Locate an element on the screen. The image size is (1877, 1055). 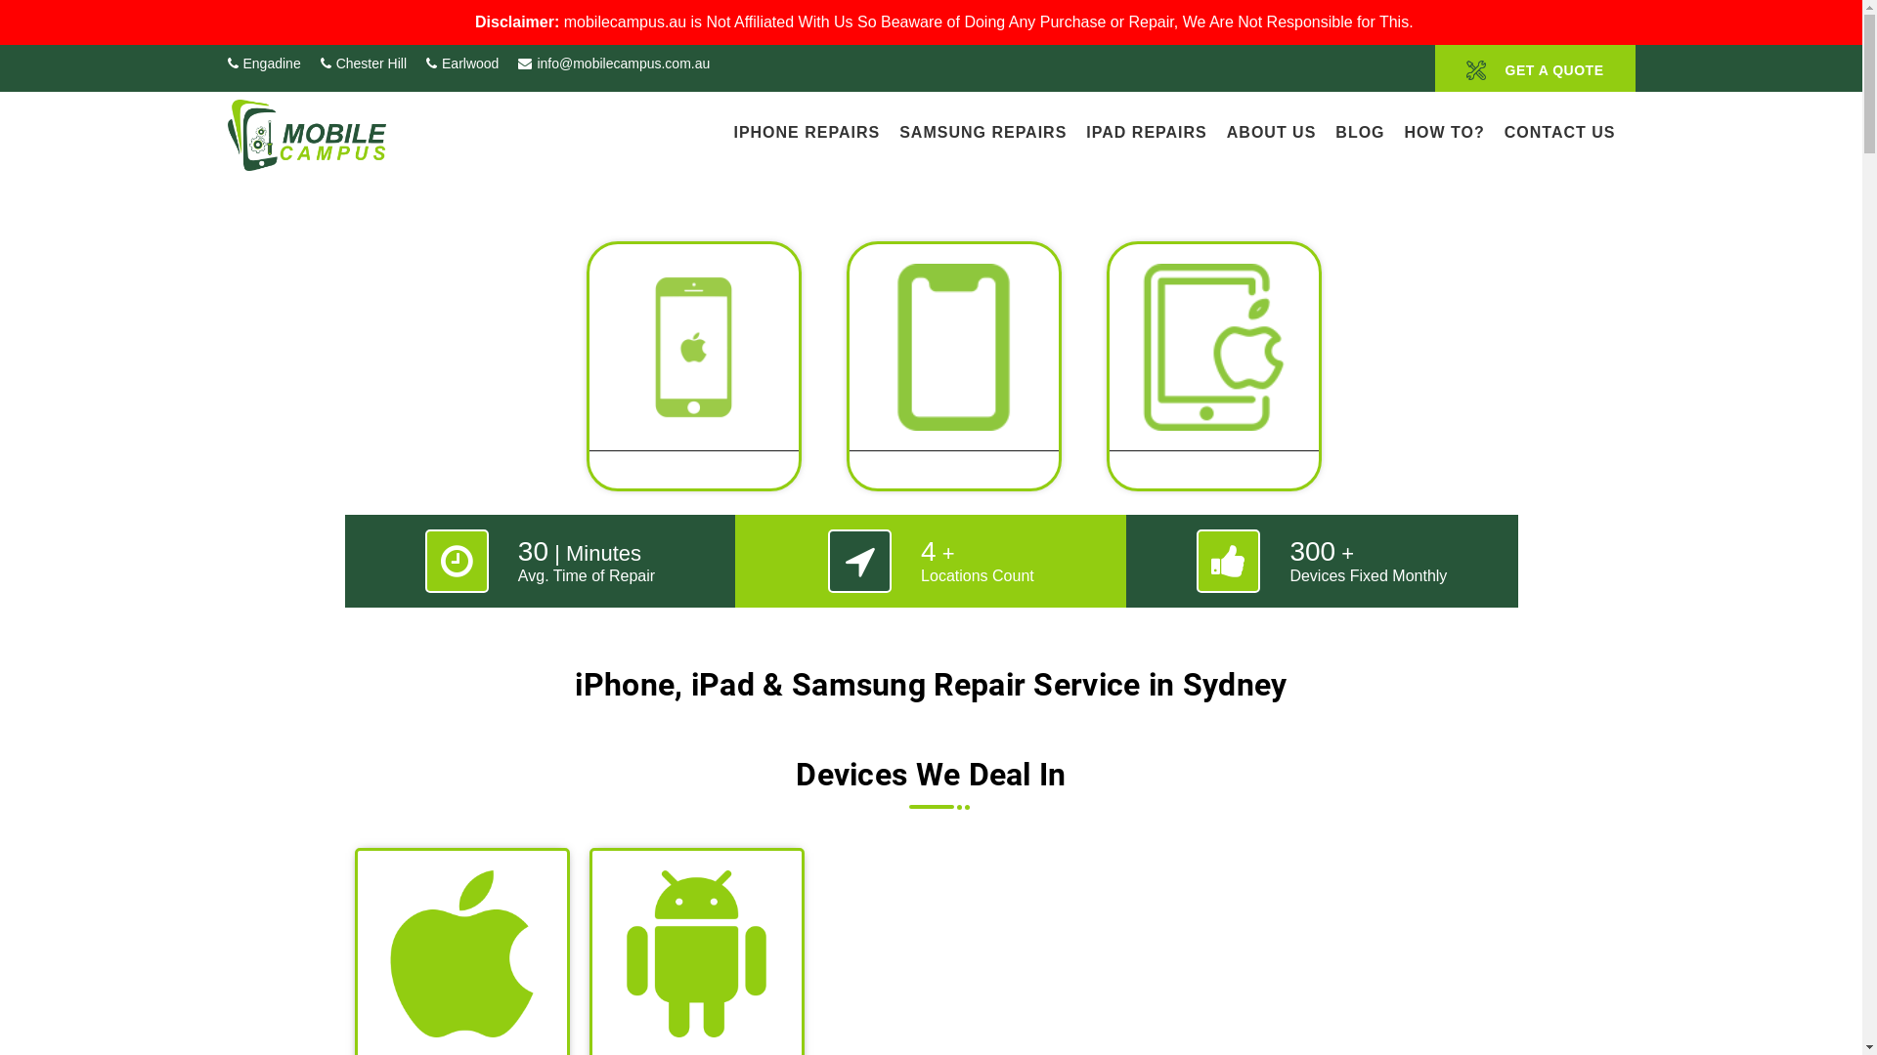
'ABOUT US' is located at coordinates (1225, 130).